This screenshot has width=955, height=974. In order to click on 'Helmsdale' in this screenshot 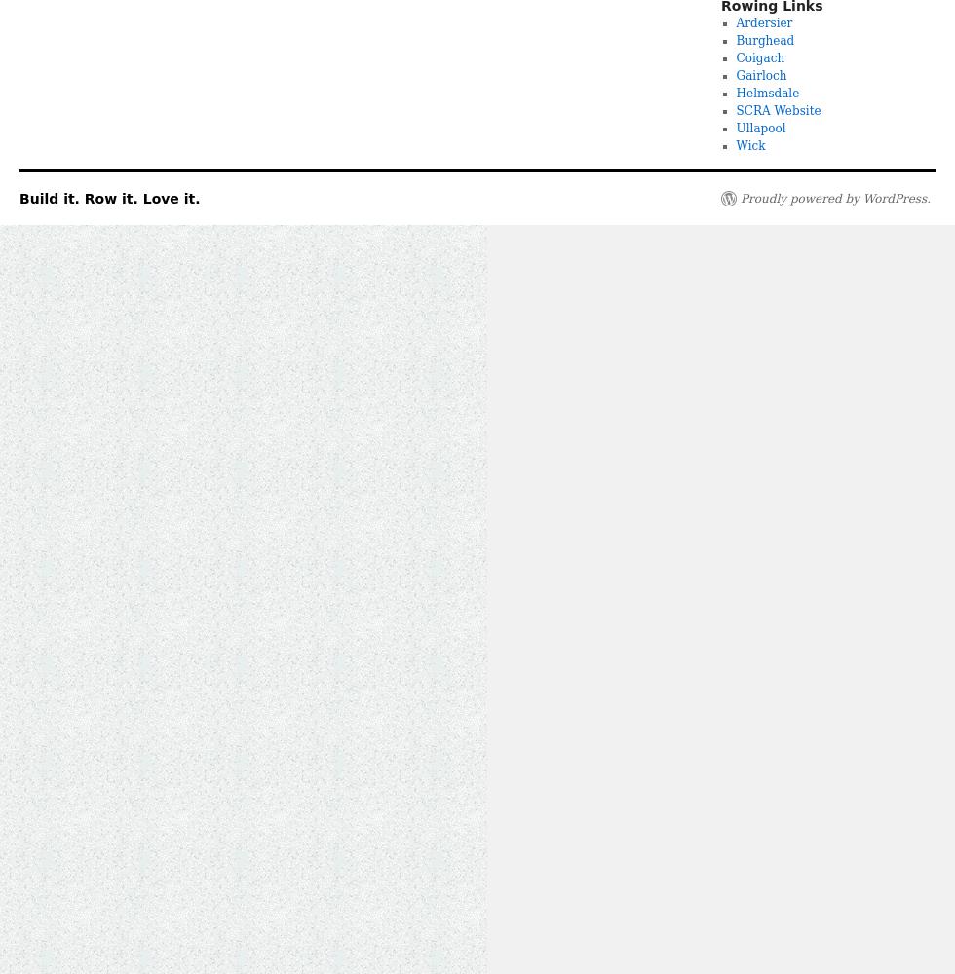, I will do `click(767, 93)`.